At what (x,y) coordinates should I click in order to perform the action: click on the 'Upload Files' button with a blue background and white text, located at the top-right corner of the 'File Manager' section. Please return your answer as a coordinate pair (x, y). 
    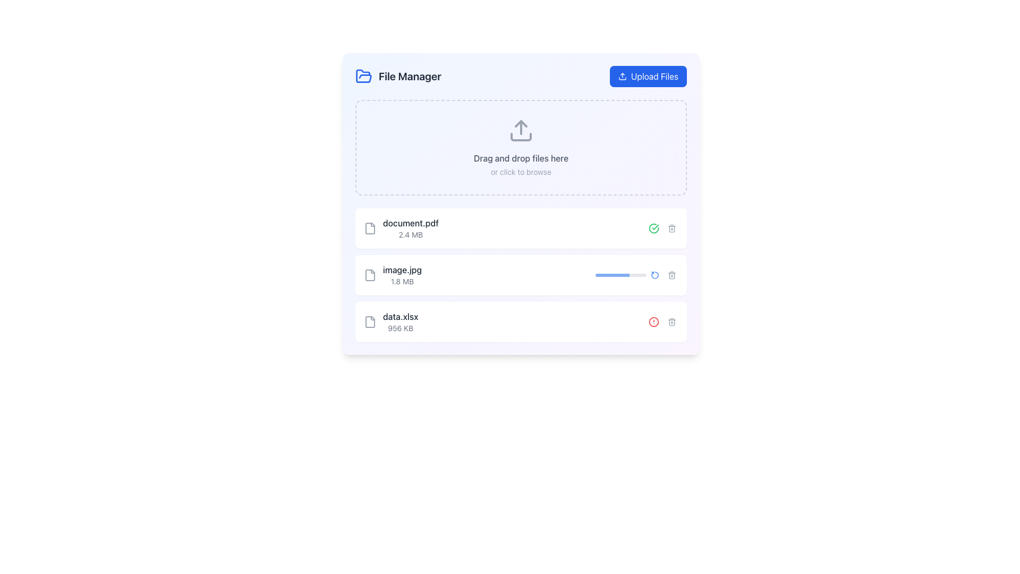
    Looking at the image, I should click on (648, 75).